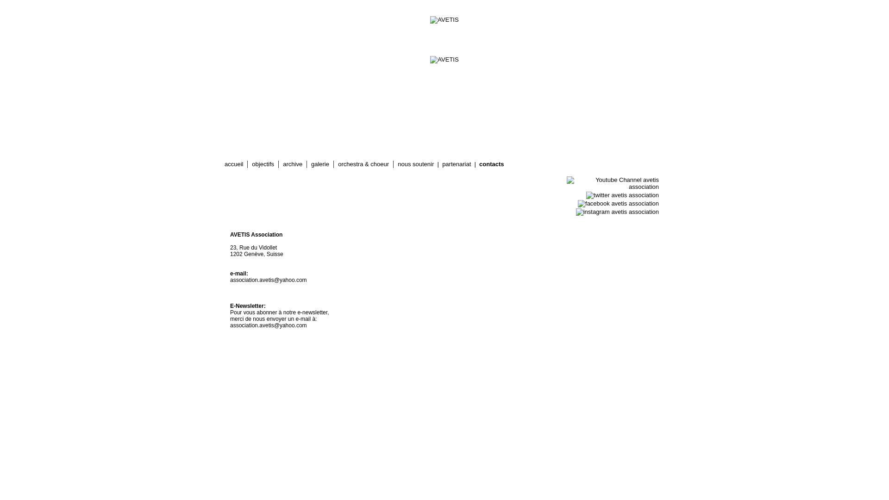  I want to click on 'galerie', so click(320, 163).